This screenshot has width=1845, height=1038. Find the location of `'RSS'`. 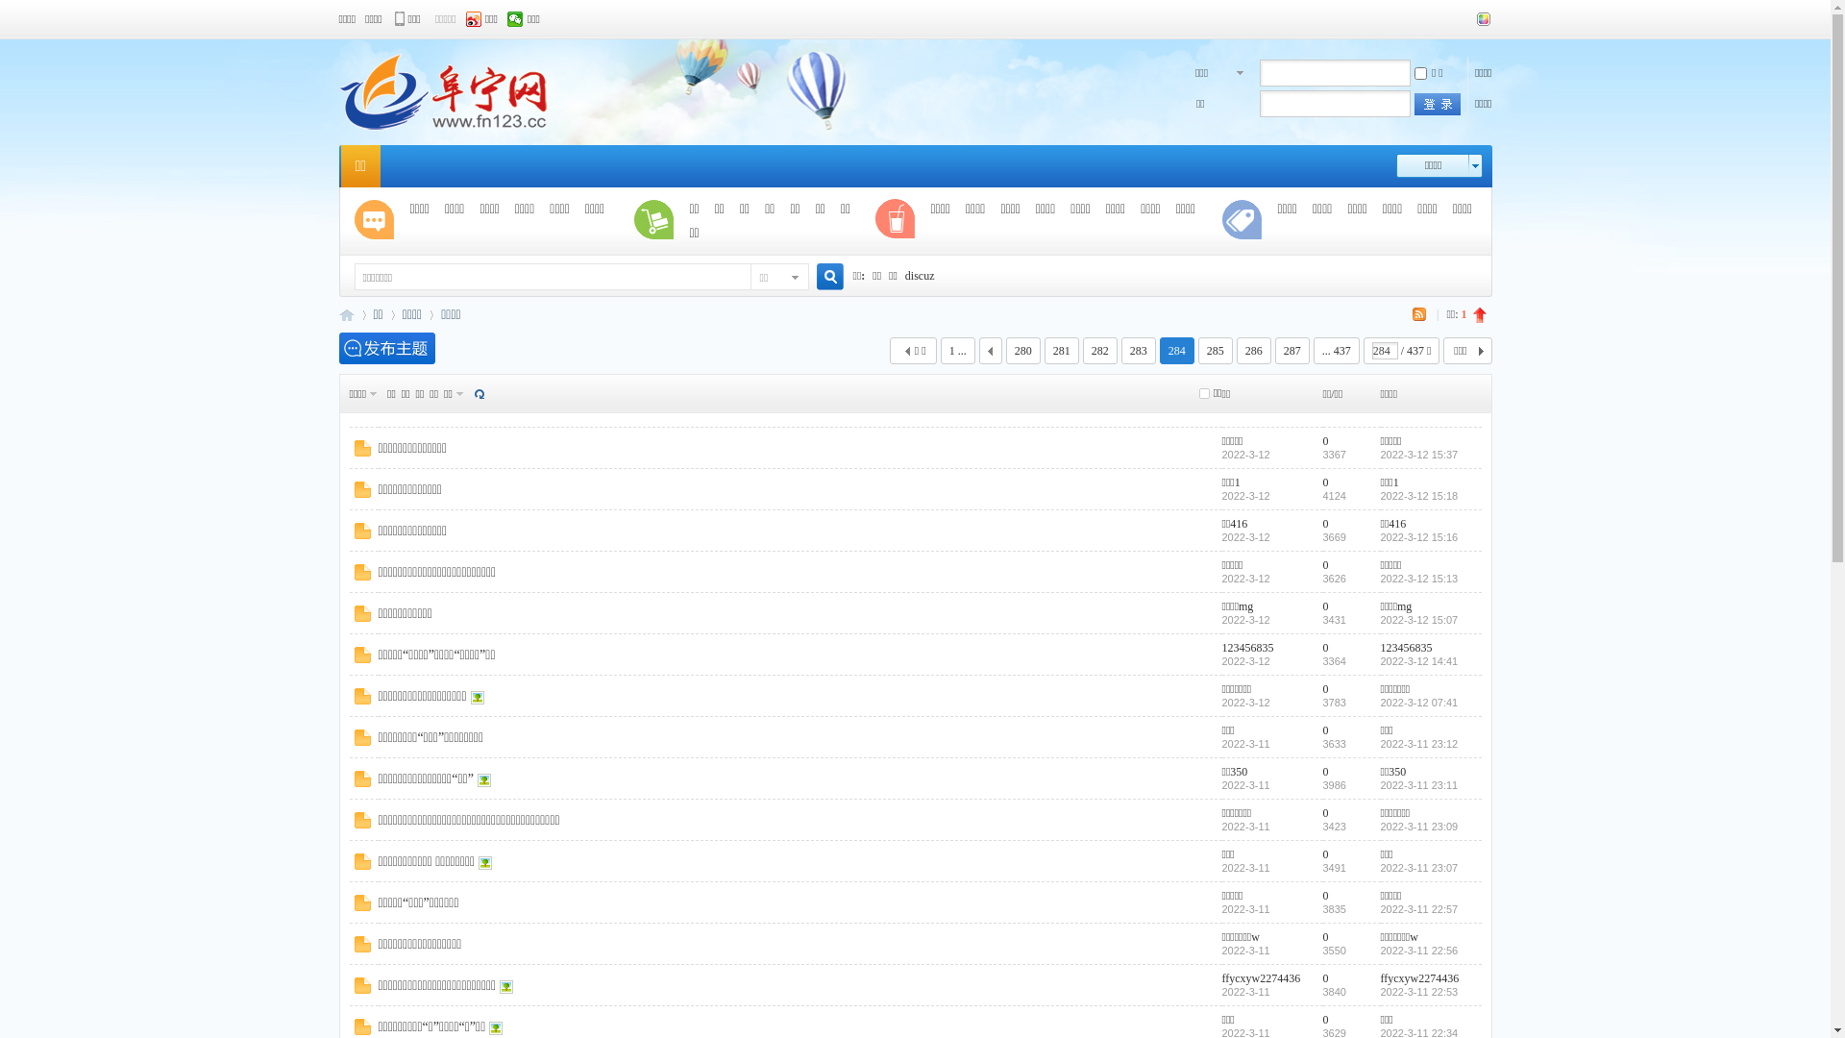

'RSS' is located at coordinates (1412, 313).